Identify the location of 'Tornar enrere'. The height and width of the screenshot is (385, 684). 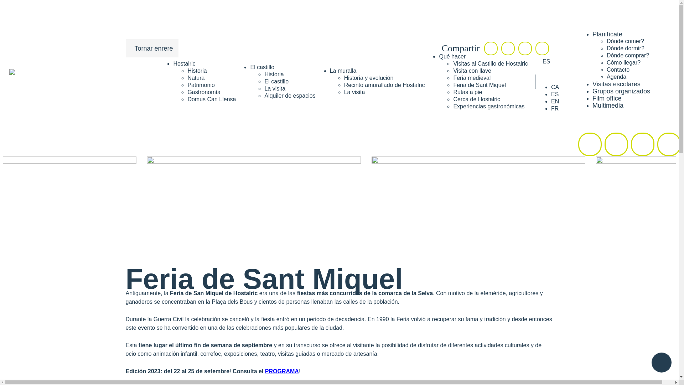
(151, 48).